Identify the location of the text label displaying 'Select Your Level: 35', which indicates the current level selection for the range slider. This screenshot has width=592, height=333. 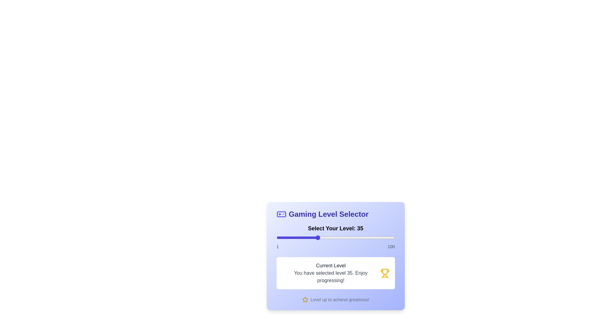
(335, 228).